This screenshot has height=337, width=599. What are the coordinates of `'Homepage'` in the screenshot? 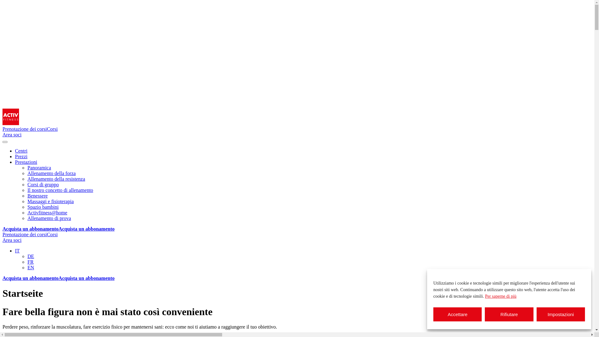 It's located at (11, 123).